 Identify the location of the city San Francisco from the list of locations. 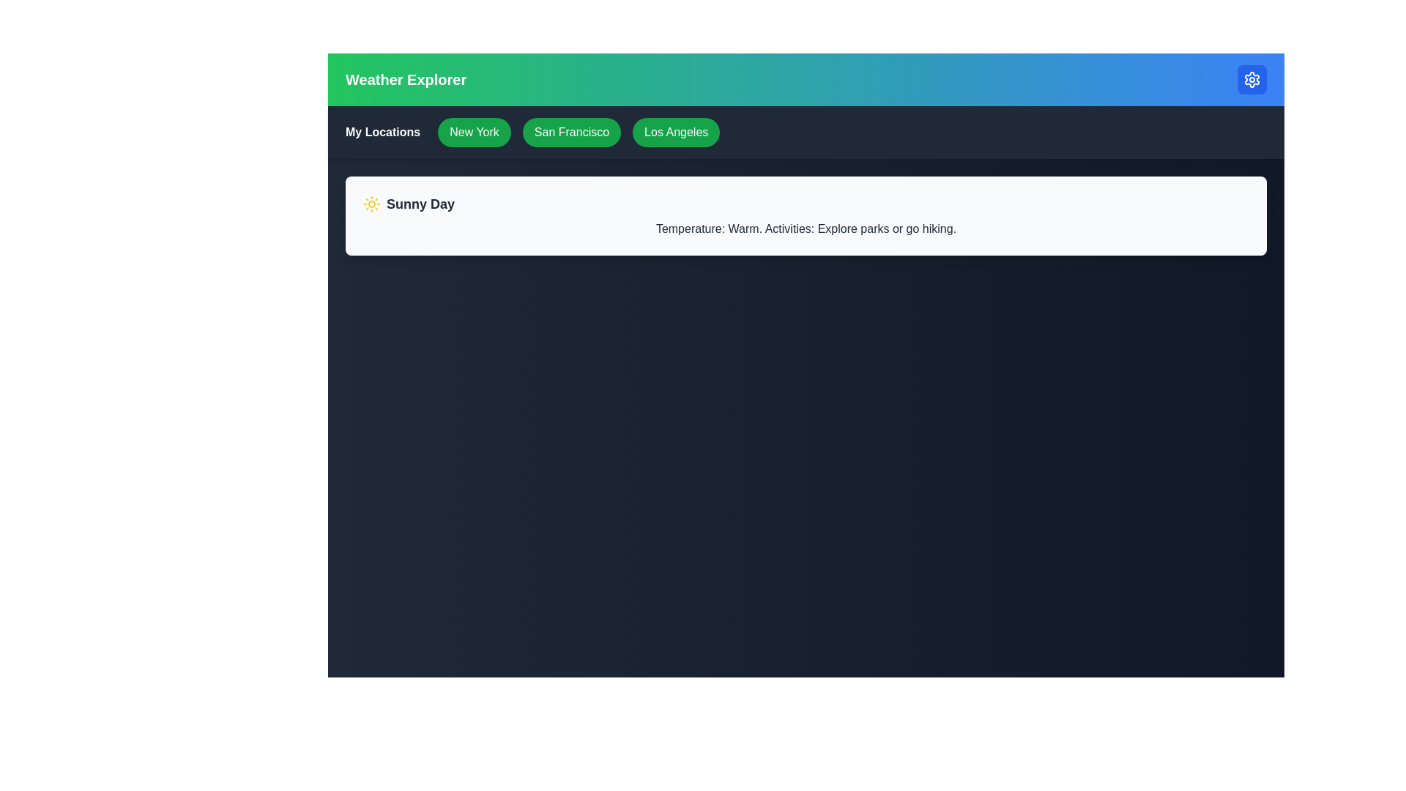
(571, 133).